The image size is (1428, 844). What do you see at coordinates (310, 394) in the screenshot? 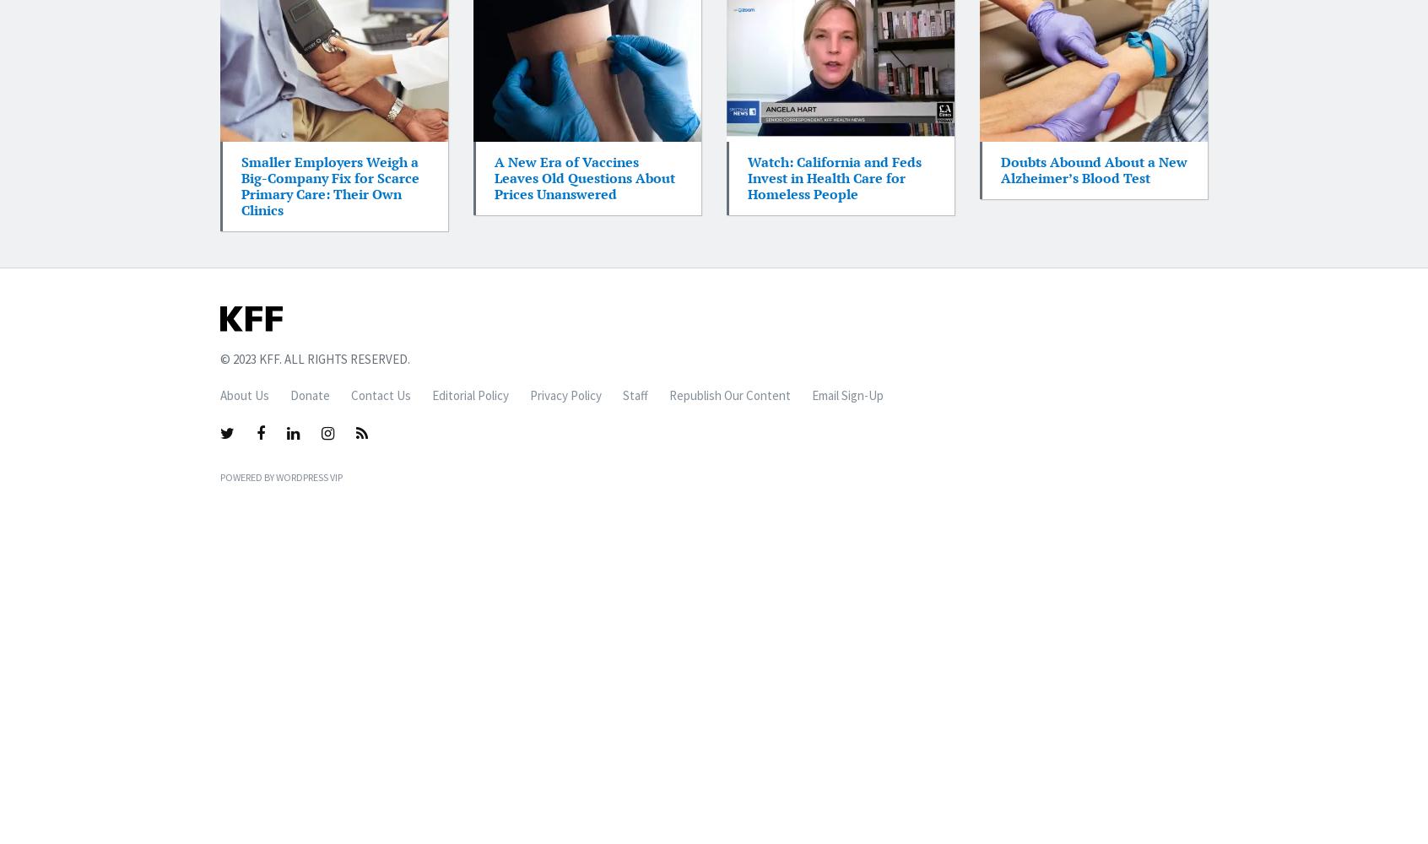
I see `'Donate'` at bounding box center [310, 394].